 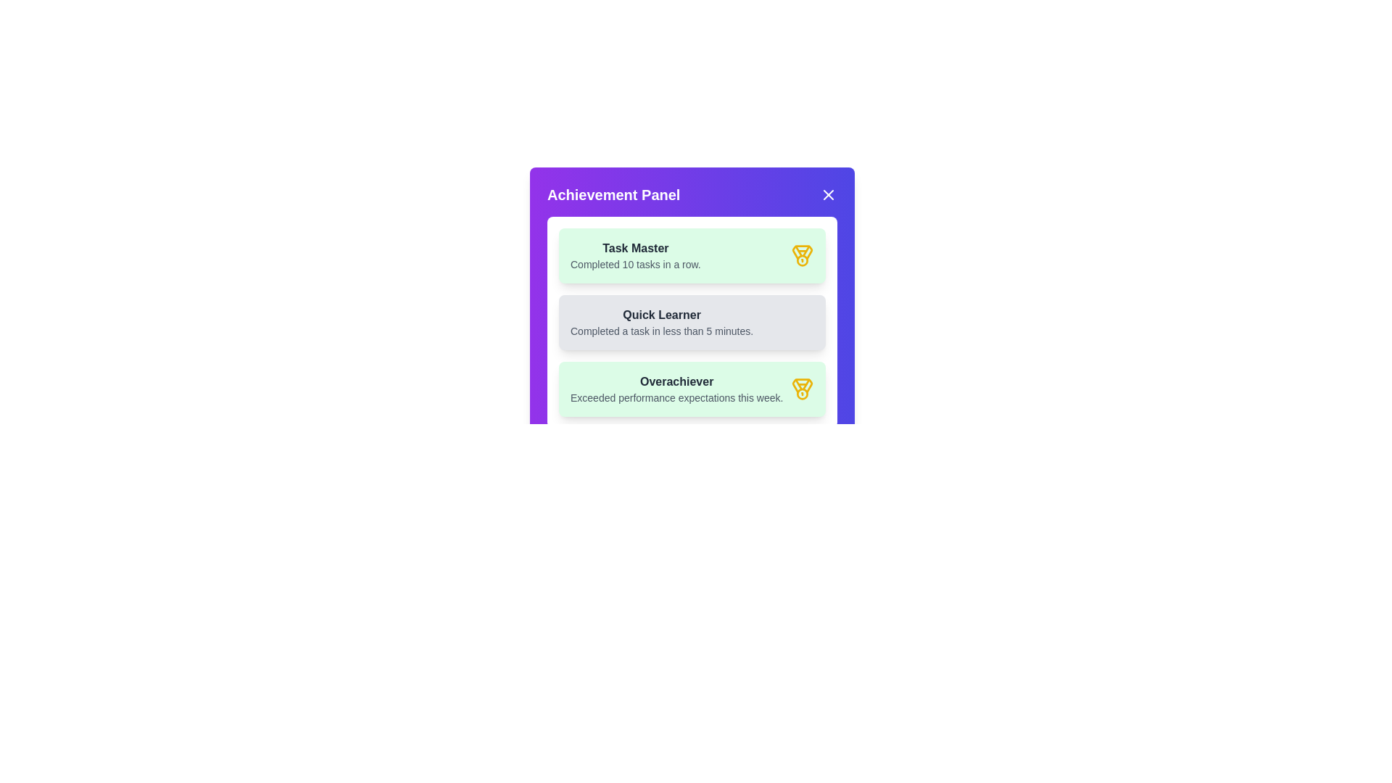 What do you see at coordinates (828, 194) in the screenshot?
I see `the close button located at the top-right corner of the 'Achievement Panel'` at bounding box center [828, 194].